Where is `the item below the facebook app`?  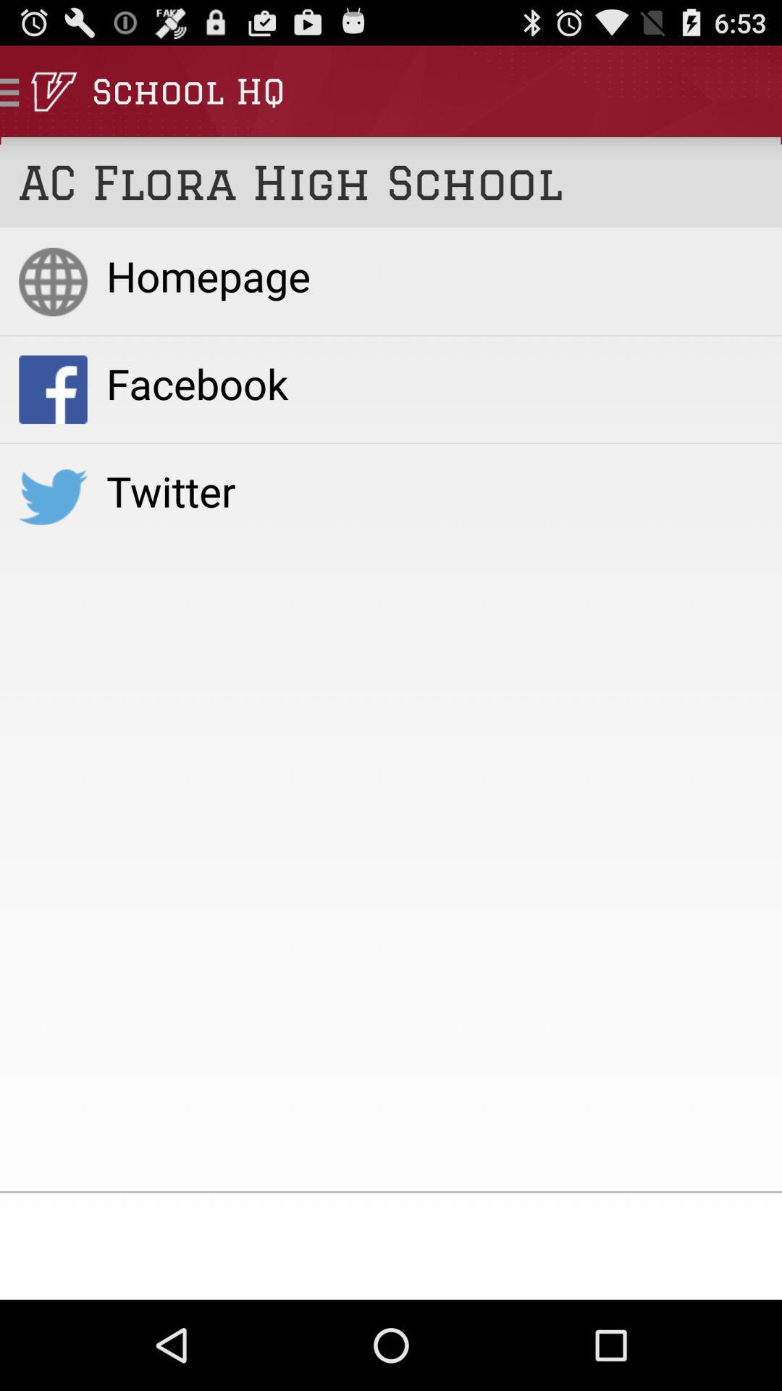
the item below the facebook app is located at coordinates (434, 490).